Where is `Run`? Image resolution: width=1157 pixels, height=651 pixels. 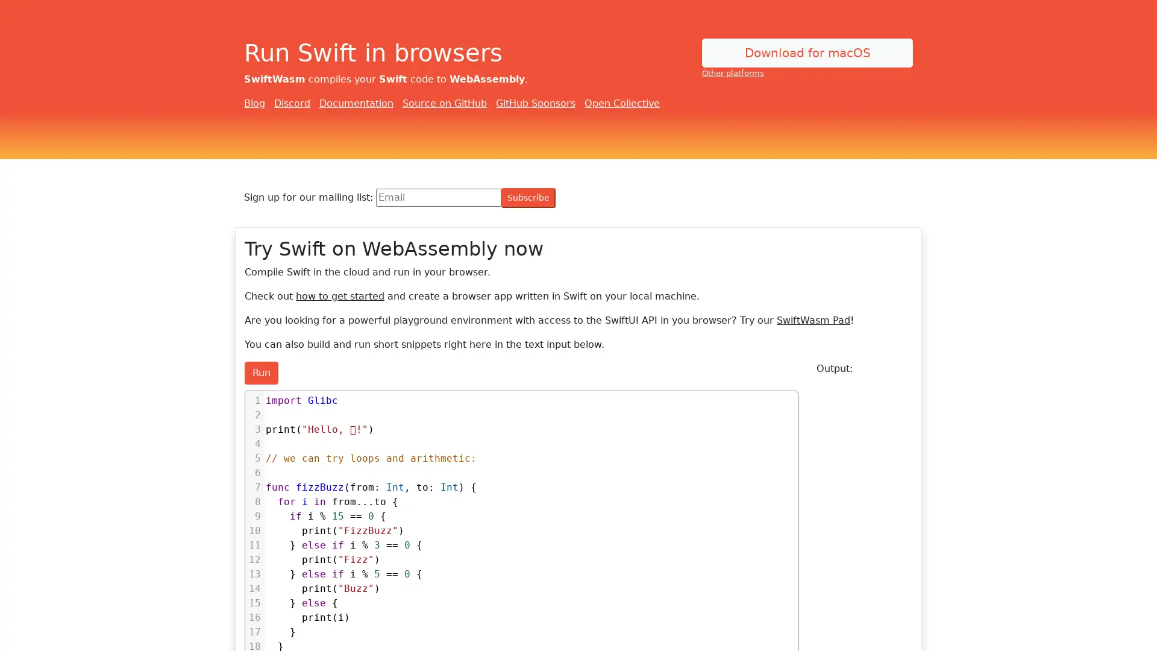
Run is located at coordinates (260, 372).